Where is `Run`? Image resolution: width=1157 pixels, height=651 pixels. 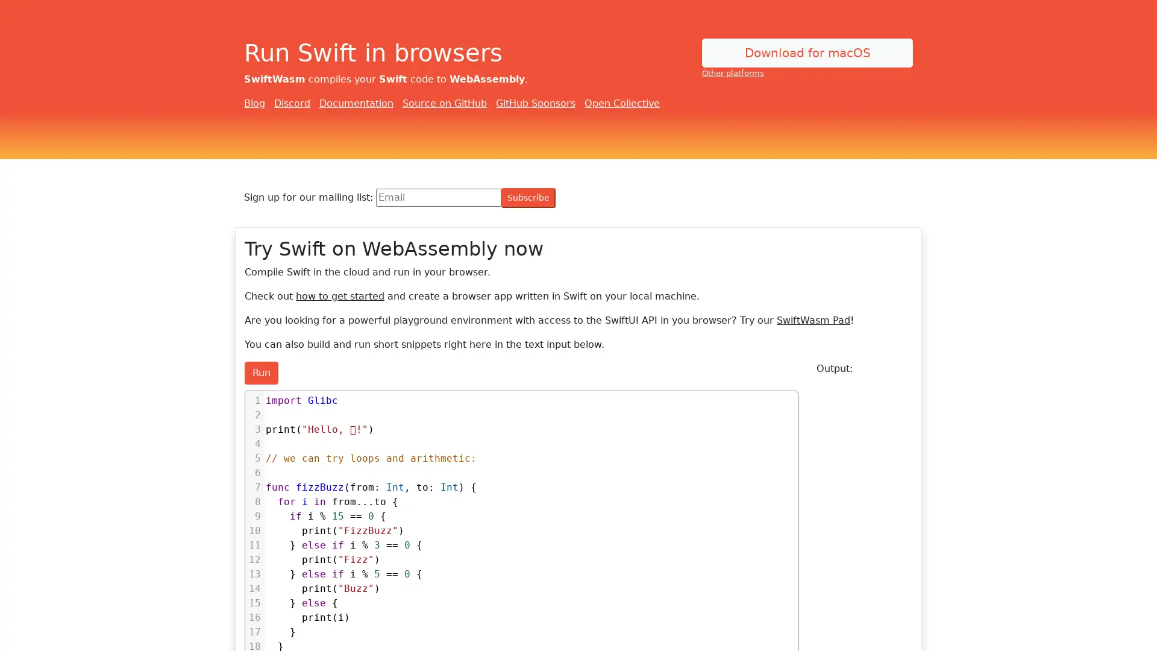
Run is located at coordinates (260, 372).